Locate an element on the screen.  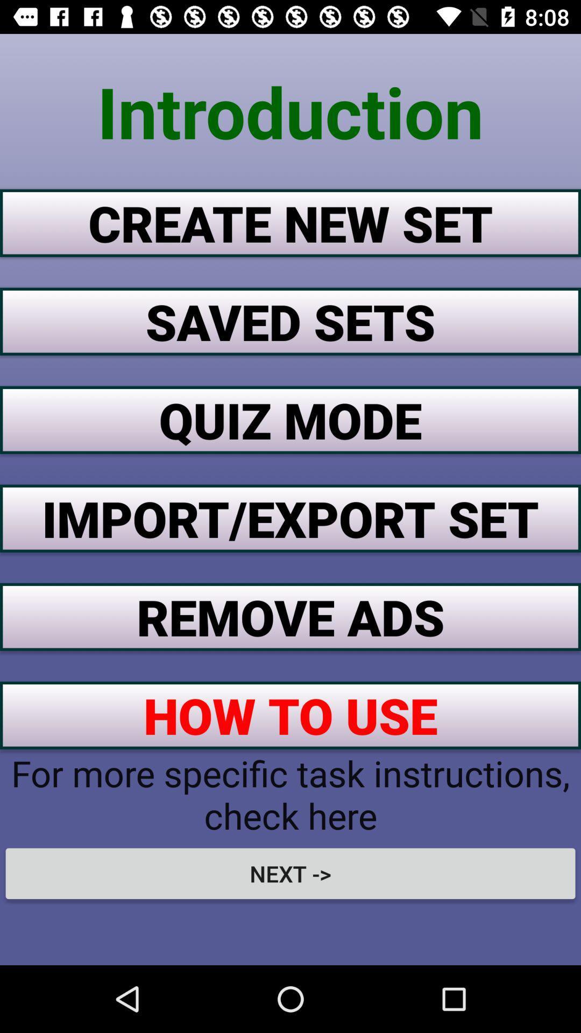
icon above the how to use button is located at coordinates (290, 617).